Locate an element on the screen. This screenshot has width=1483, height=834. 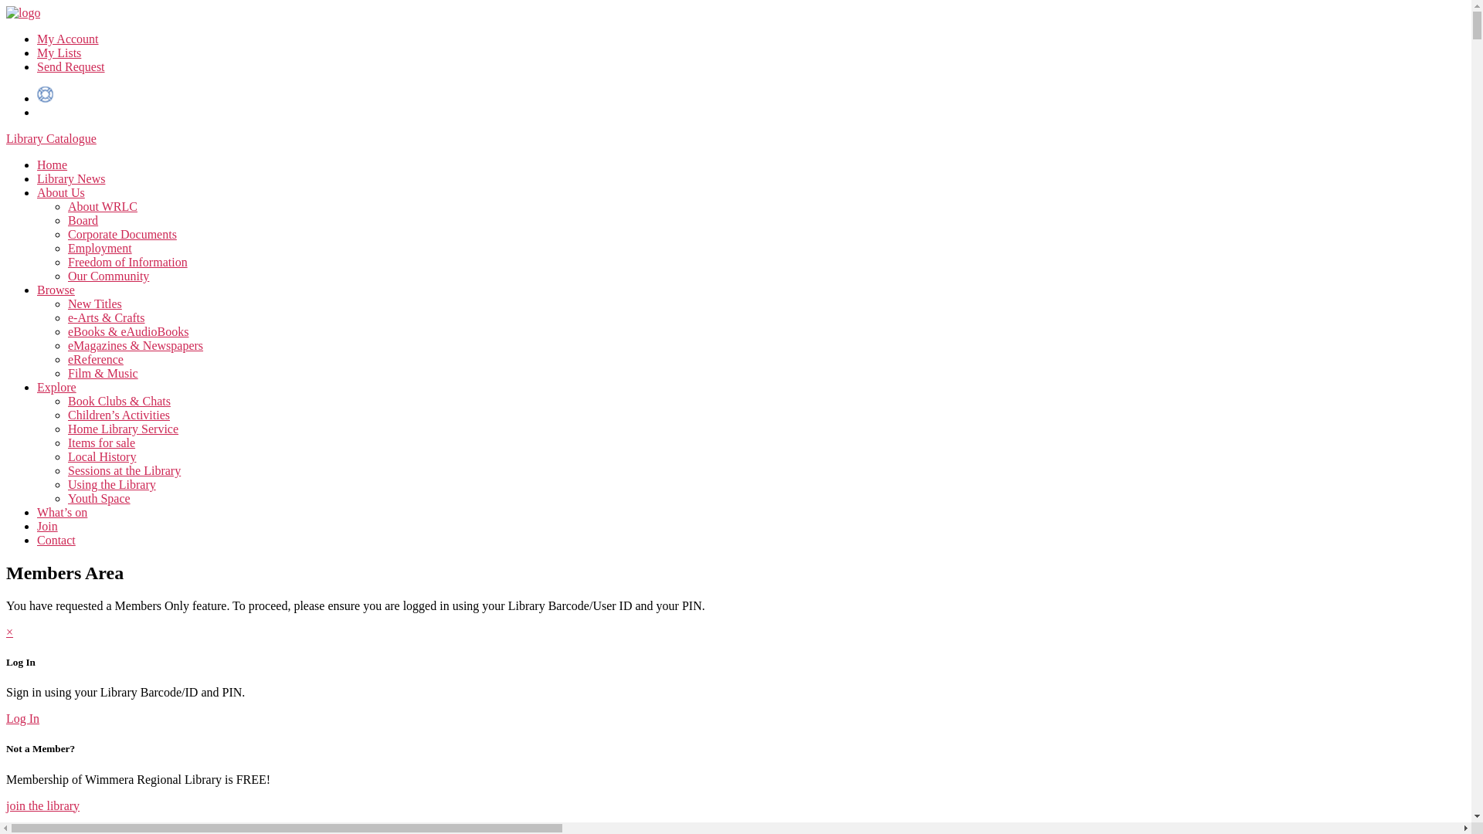
'About WRLC' is located at coordinates (102, 205).